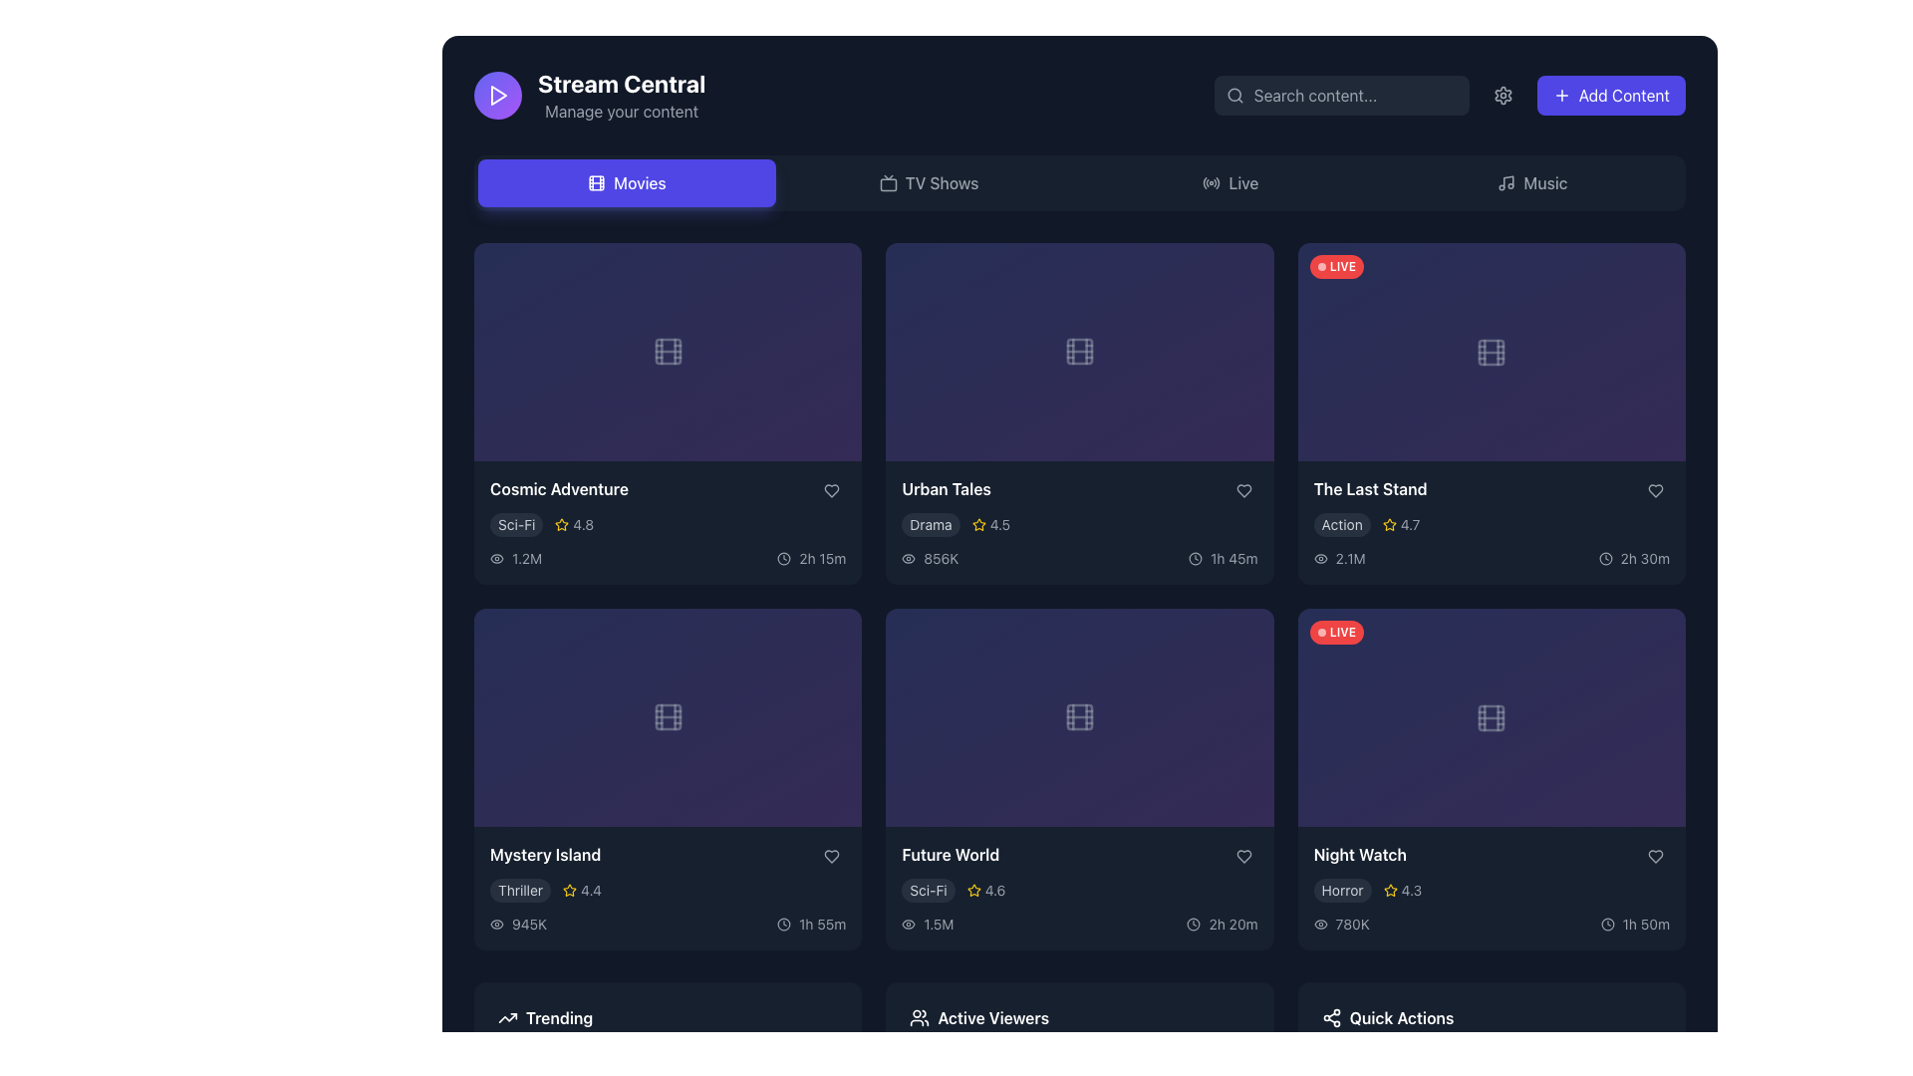  What do you see at coordinates (1242, 856) in the screenshot?
I see `the heart-shaped icon located in the bottom-right corner of the 'Future World' movie card` at bounding box center [1242, 856].